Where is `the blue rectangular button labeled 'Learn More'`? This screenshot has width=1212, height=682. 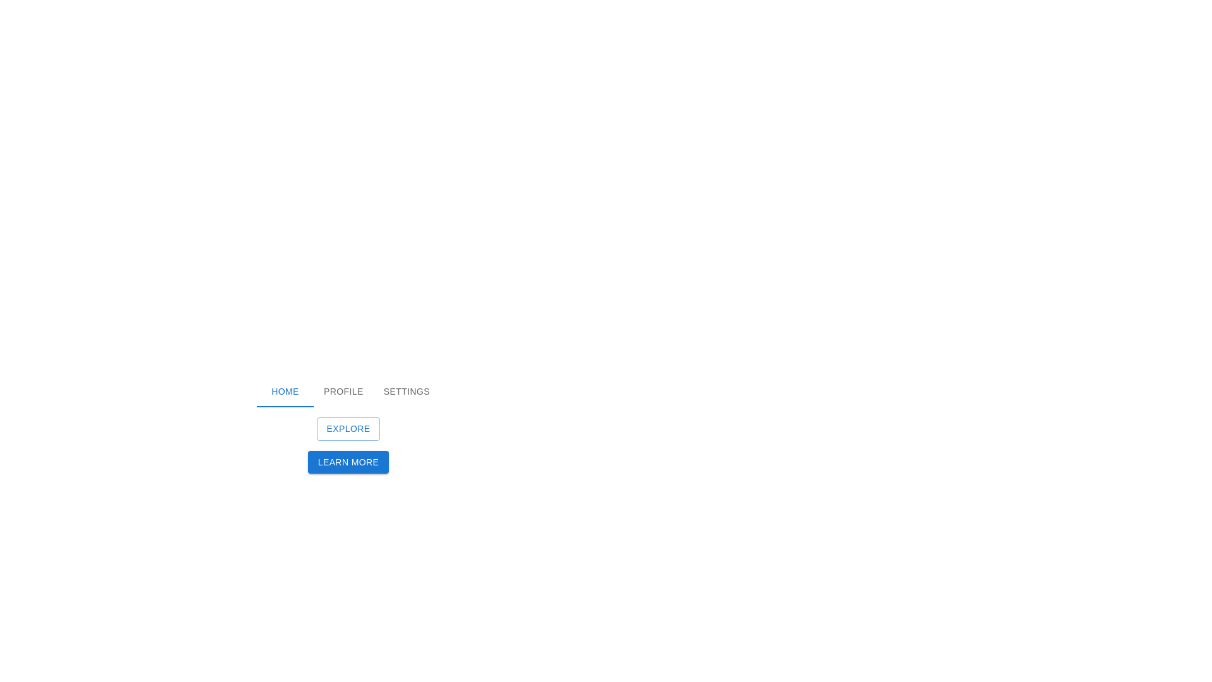 the blue rectangular button labeled 'Learn More' is located at coordinates (348, 462).